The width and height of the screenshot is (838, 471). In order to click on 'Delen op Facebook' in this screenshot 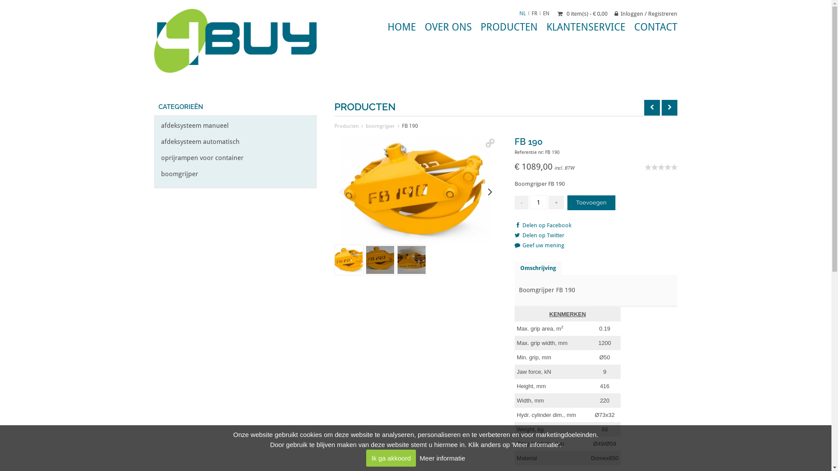, I will do `click(542, 225)`.